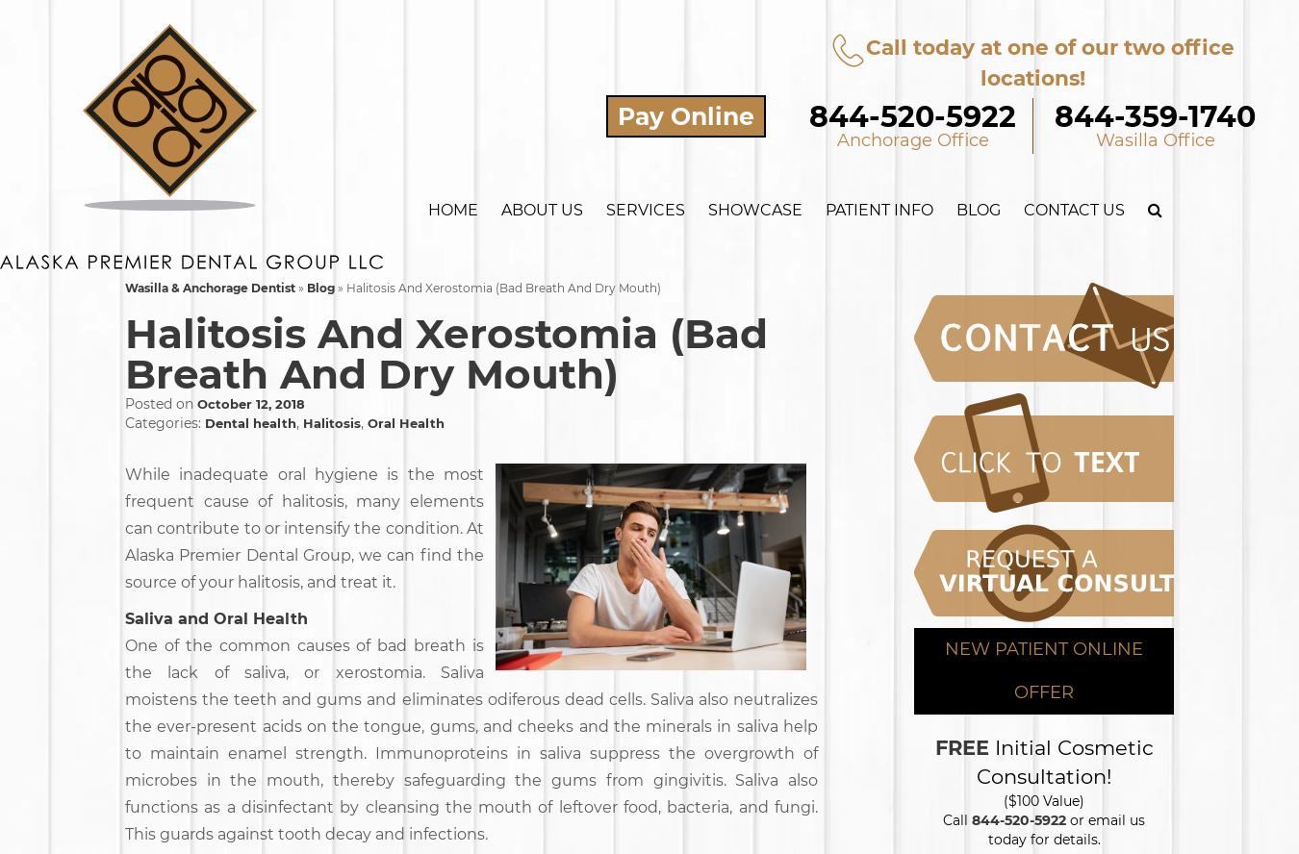  What do you see at coordinates (541, 209) in the screenshot?
I see `'About Us'` at bounding box center [541, 209].